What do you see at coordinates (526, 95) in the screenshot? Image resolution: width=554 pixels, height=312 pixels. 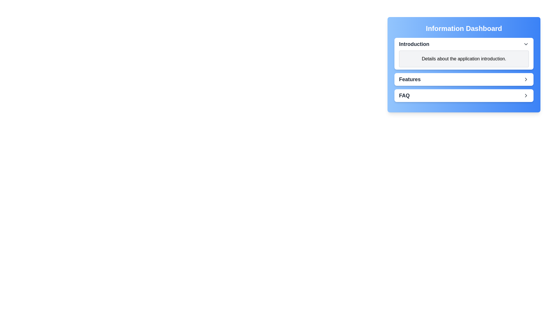 I see `the right-pointing chevron arrow icon located below the 'FAQ' label` at bounding box center [526, 95].